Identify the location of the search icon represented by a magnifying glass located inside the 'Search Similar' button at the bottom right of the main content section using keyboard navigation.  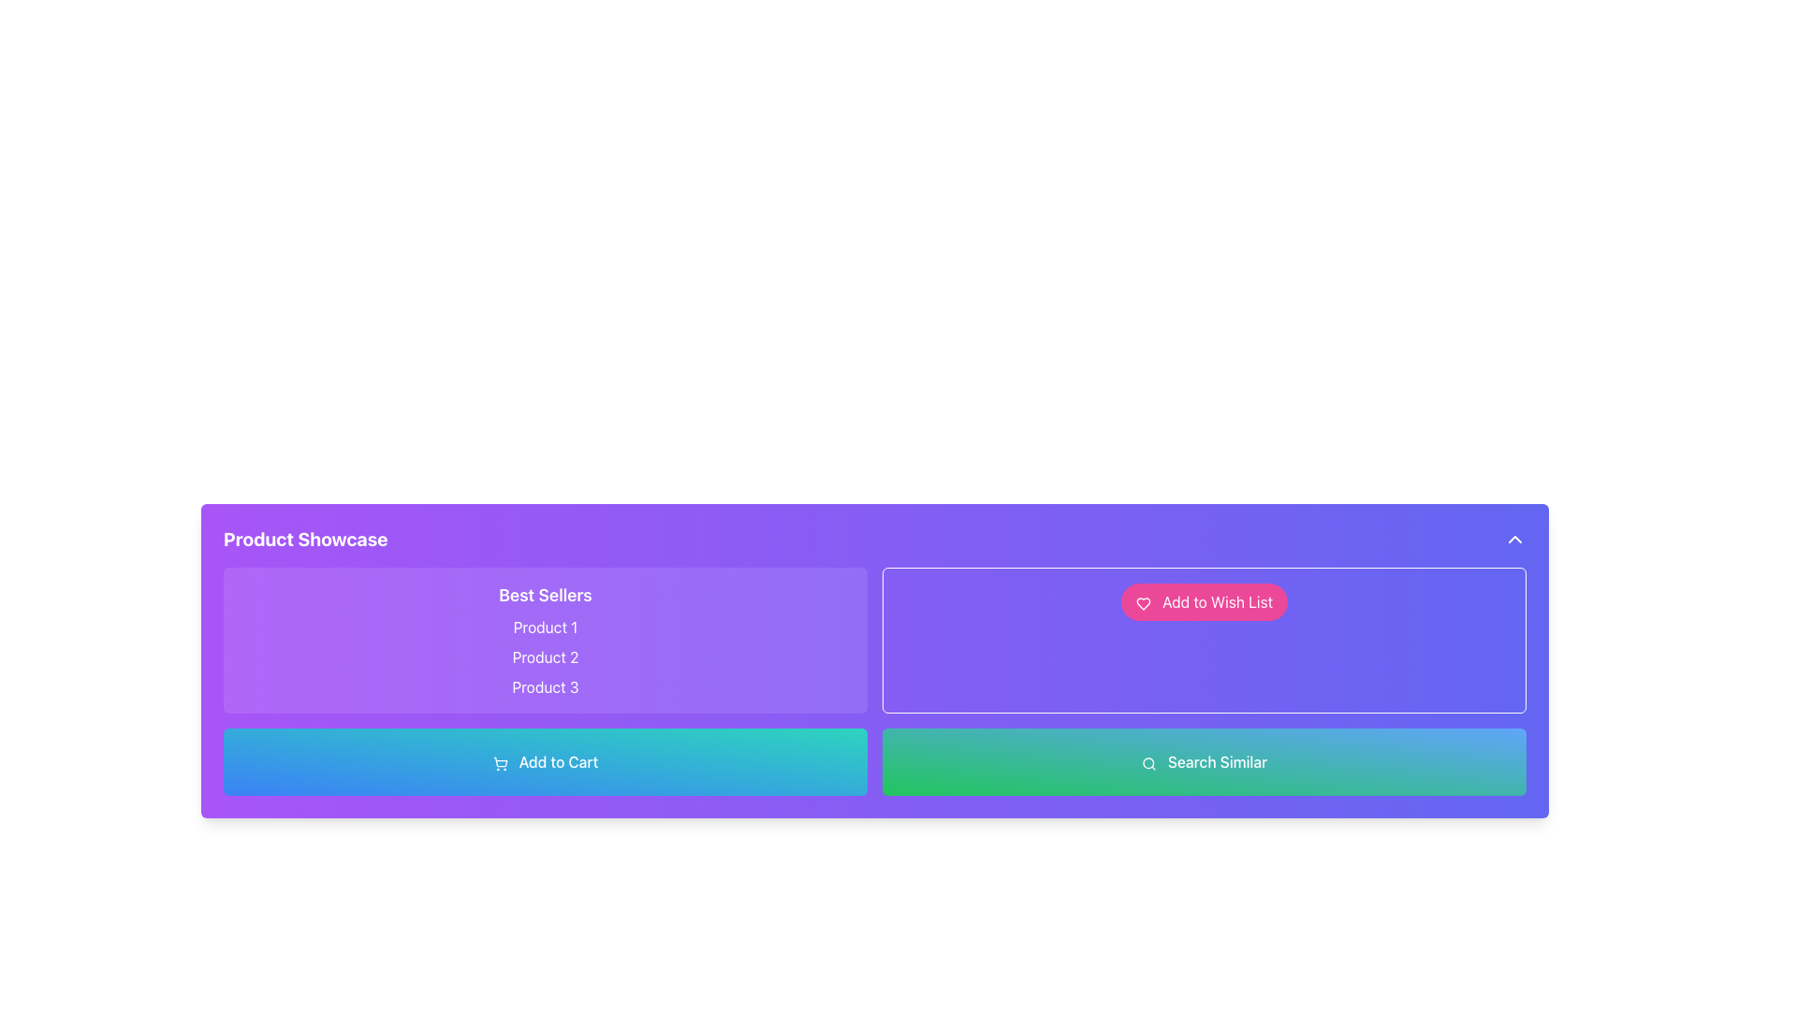
(1147, 763).